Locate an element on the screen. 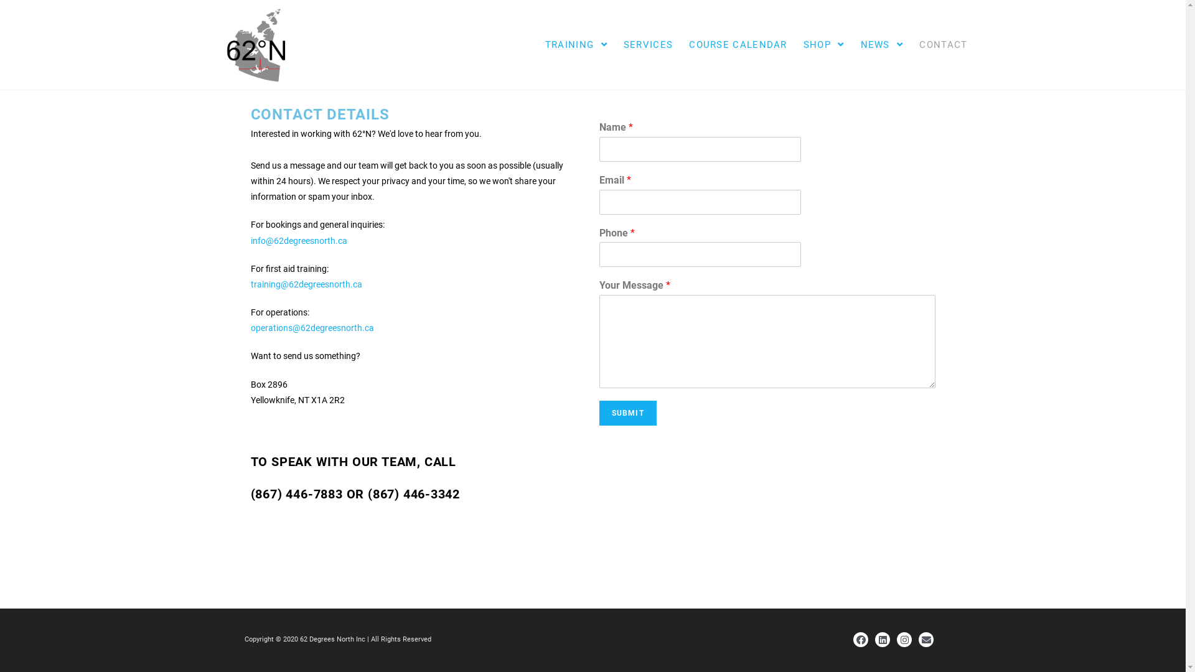 The image size is (1195, 672). 'CONTACT' is located at coordinates (943, 44).